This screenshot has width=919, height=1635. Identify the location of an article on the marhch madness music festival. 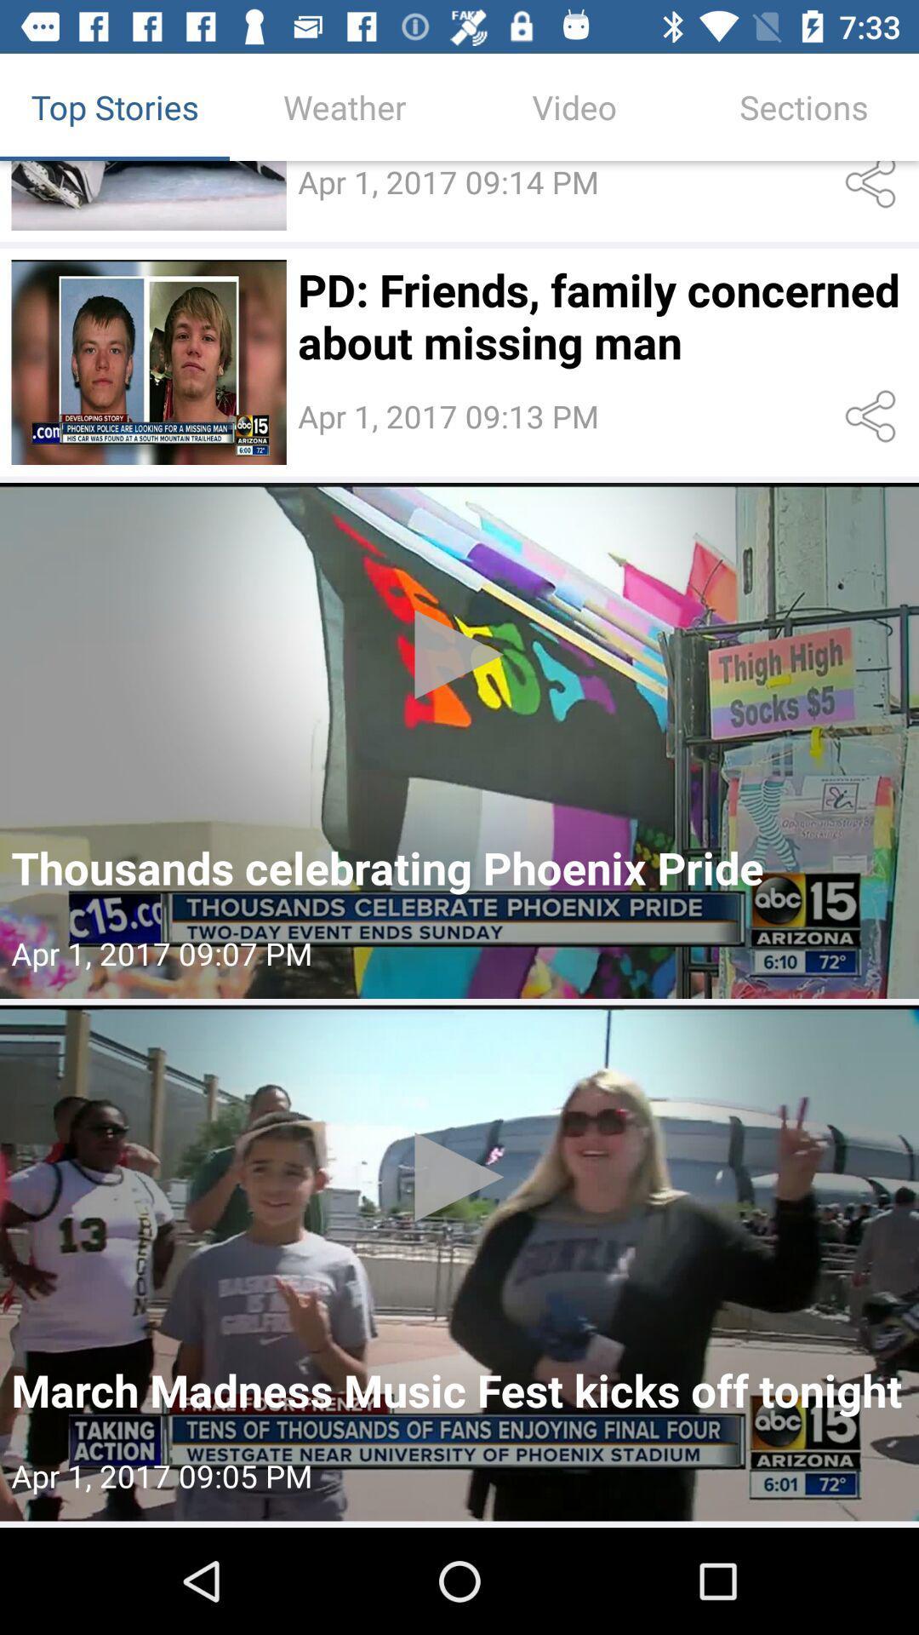
(459, 1263).